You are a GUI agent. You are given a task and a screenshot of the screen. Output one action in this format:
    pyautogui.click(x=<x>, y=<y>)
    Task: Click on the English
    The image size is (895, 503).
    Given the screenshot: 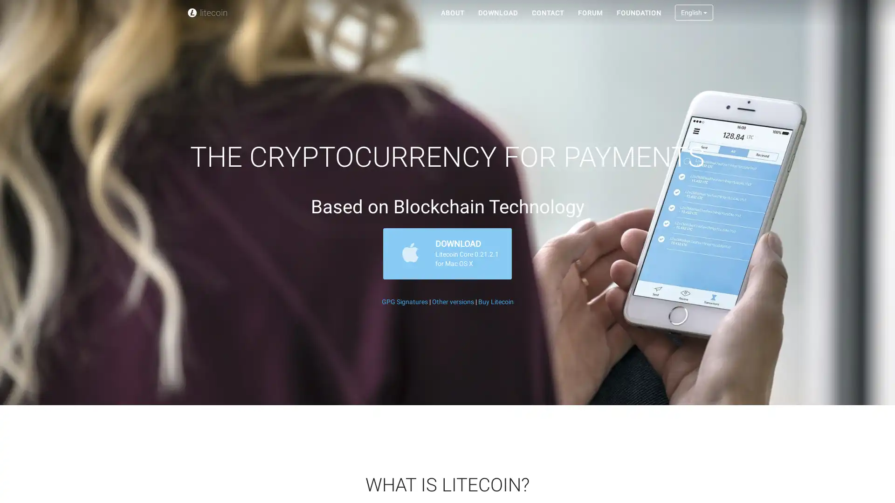 What is the action you would take?
    pyautogui.click(x=694, y=22)
    